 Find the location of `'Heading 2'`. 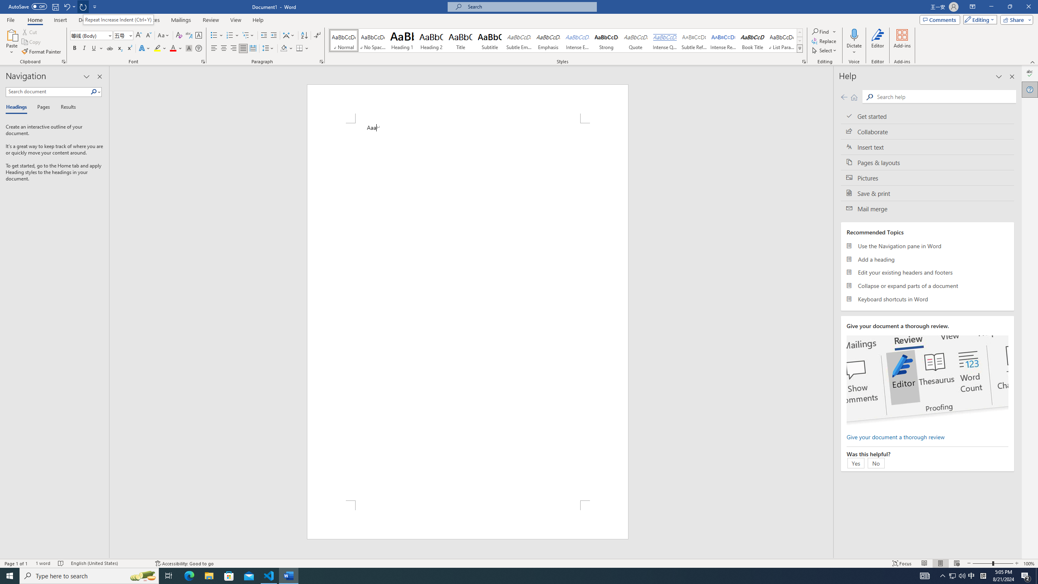

'Heading 2' is located at coordinates (431, 40).